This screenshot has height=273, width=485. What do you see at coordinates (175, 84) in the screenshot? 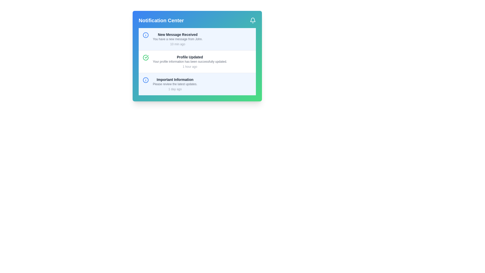
I see `the Text Label element that reads 'Please review the latest updates.' located within the notification box, positioned below the 'Important Information' title and above the '1 day ago' timestamp` at bounding box center [175, 84].